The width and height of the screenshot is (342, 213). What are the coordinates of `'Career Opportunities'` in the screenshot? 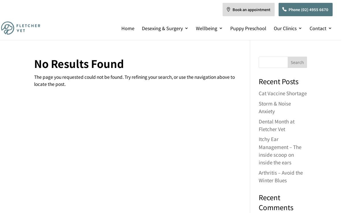 It's located at (304, 75).